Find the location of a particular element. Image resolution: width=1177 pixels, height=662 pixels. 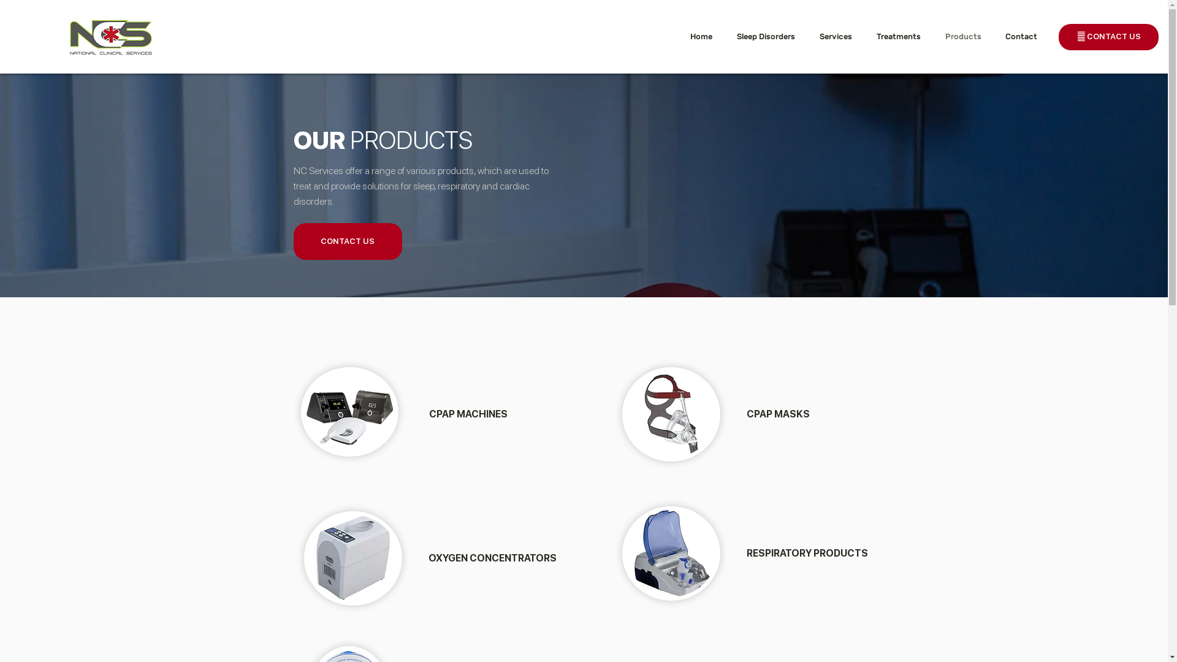

'Sleep Disorders' is located at coordinates (768, 36).